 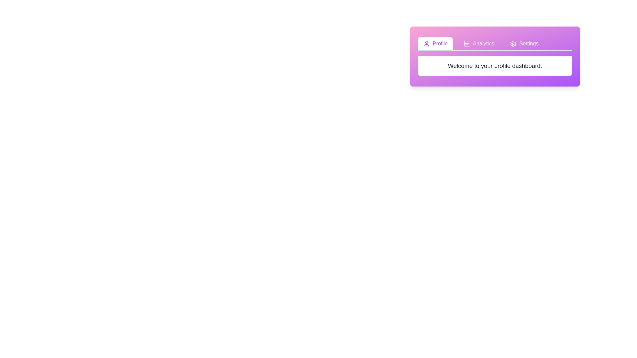 I want to click on the Profile tab by clicking on its button, so click(x=435, y=43).